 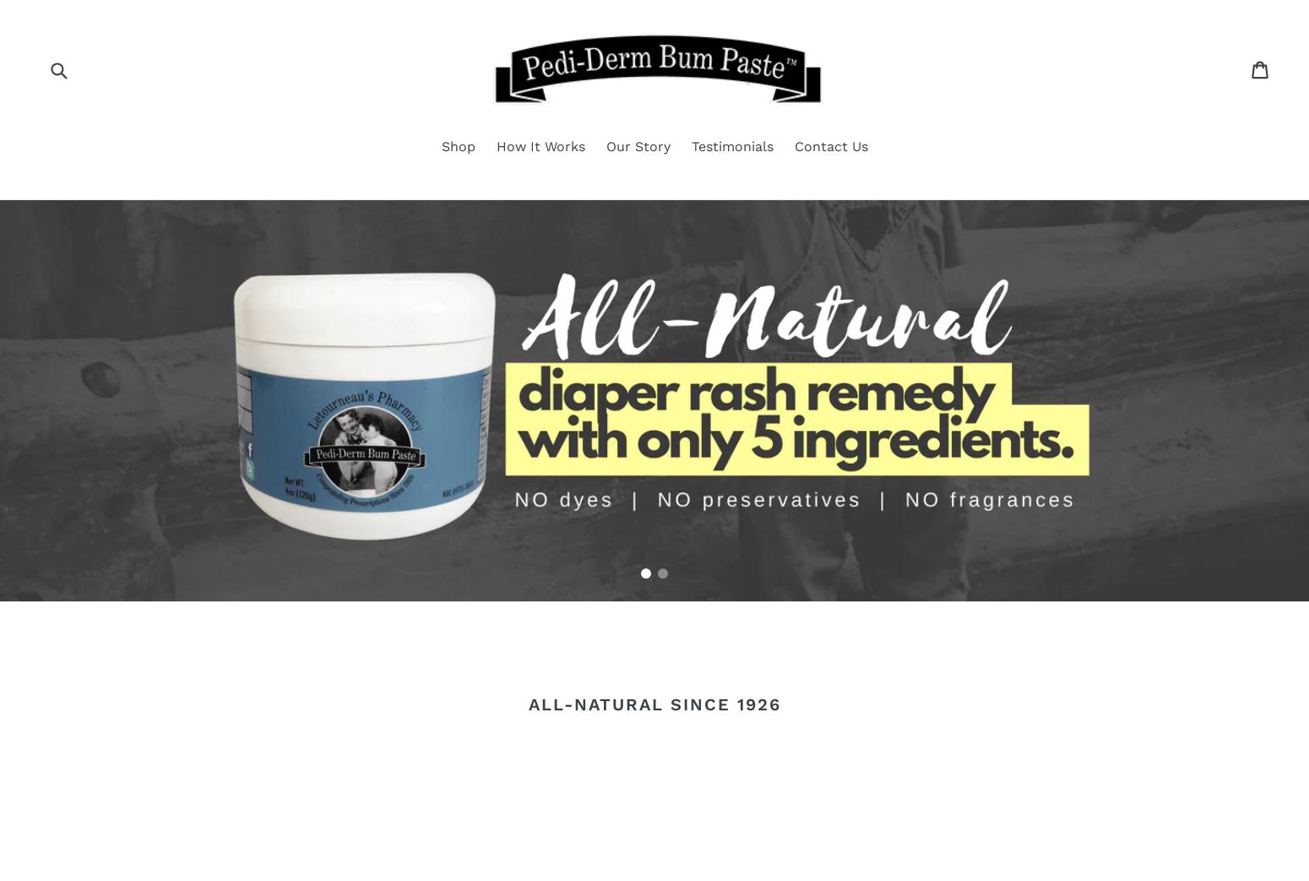 I want to click on 'Our Story', so click(x=638, y=144).